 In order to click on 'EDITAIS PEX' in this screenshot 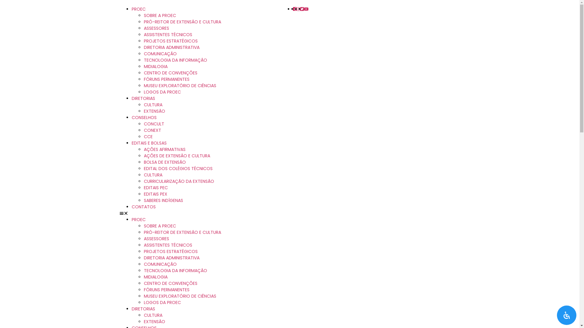, I will do `click(155, 194)`.